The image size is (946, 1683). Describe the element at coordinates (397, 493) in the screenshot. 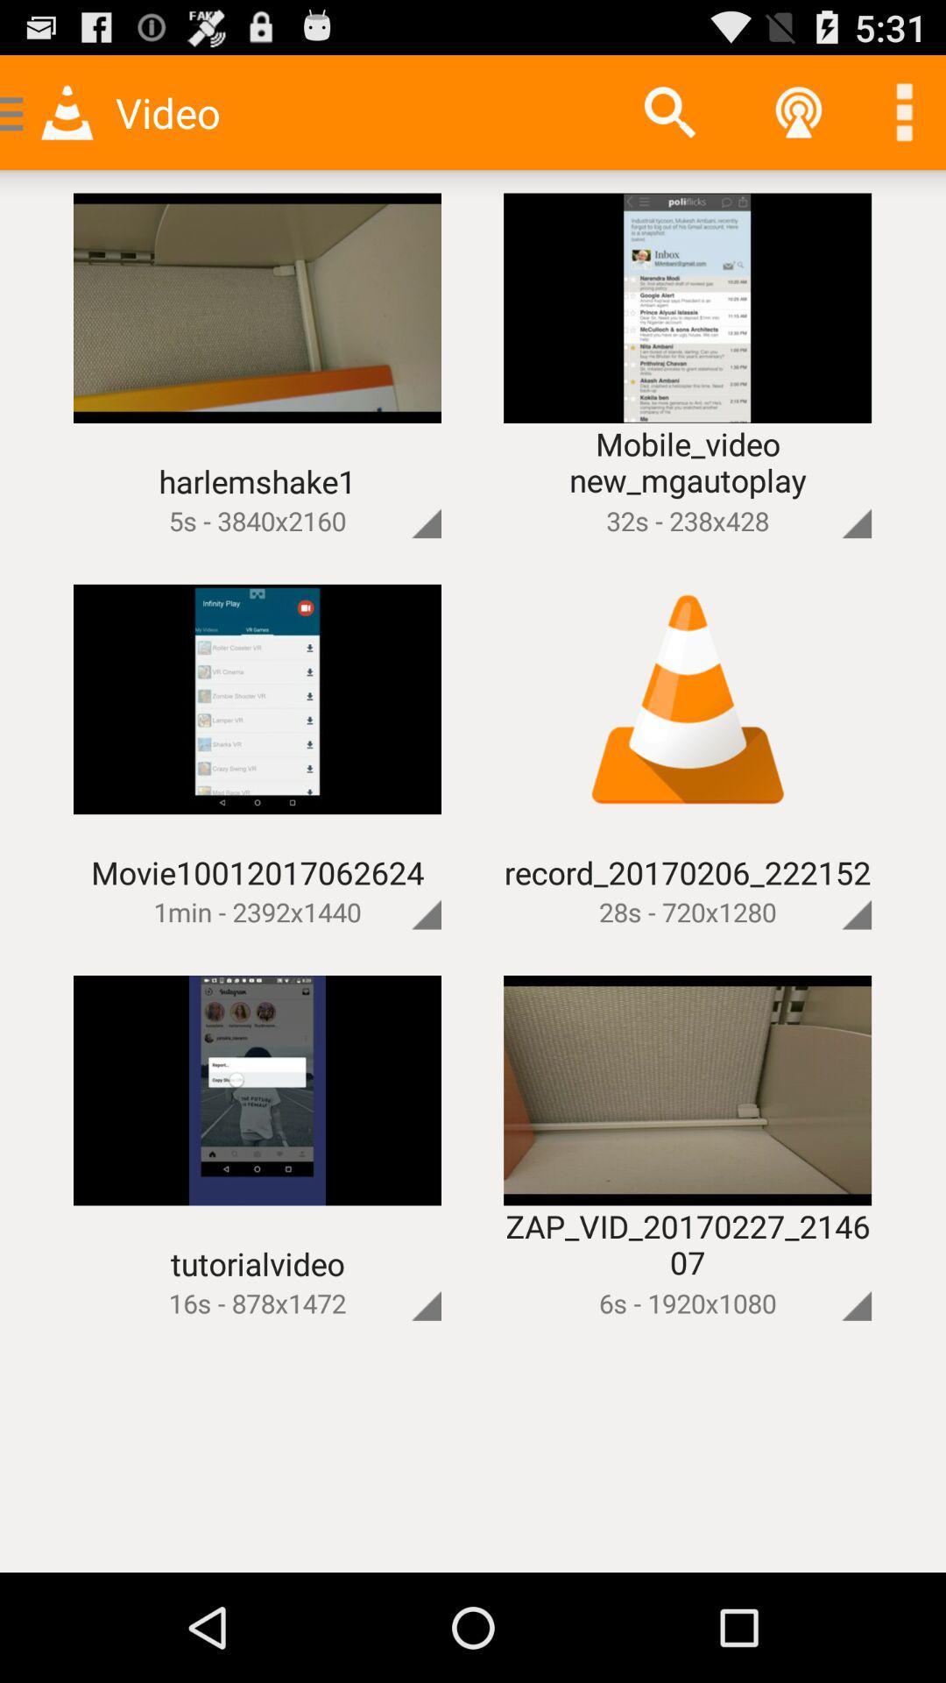

I see `open action menu` at that location.